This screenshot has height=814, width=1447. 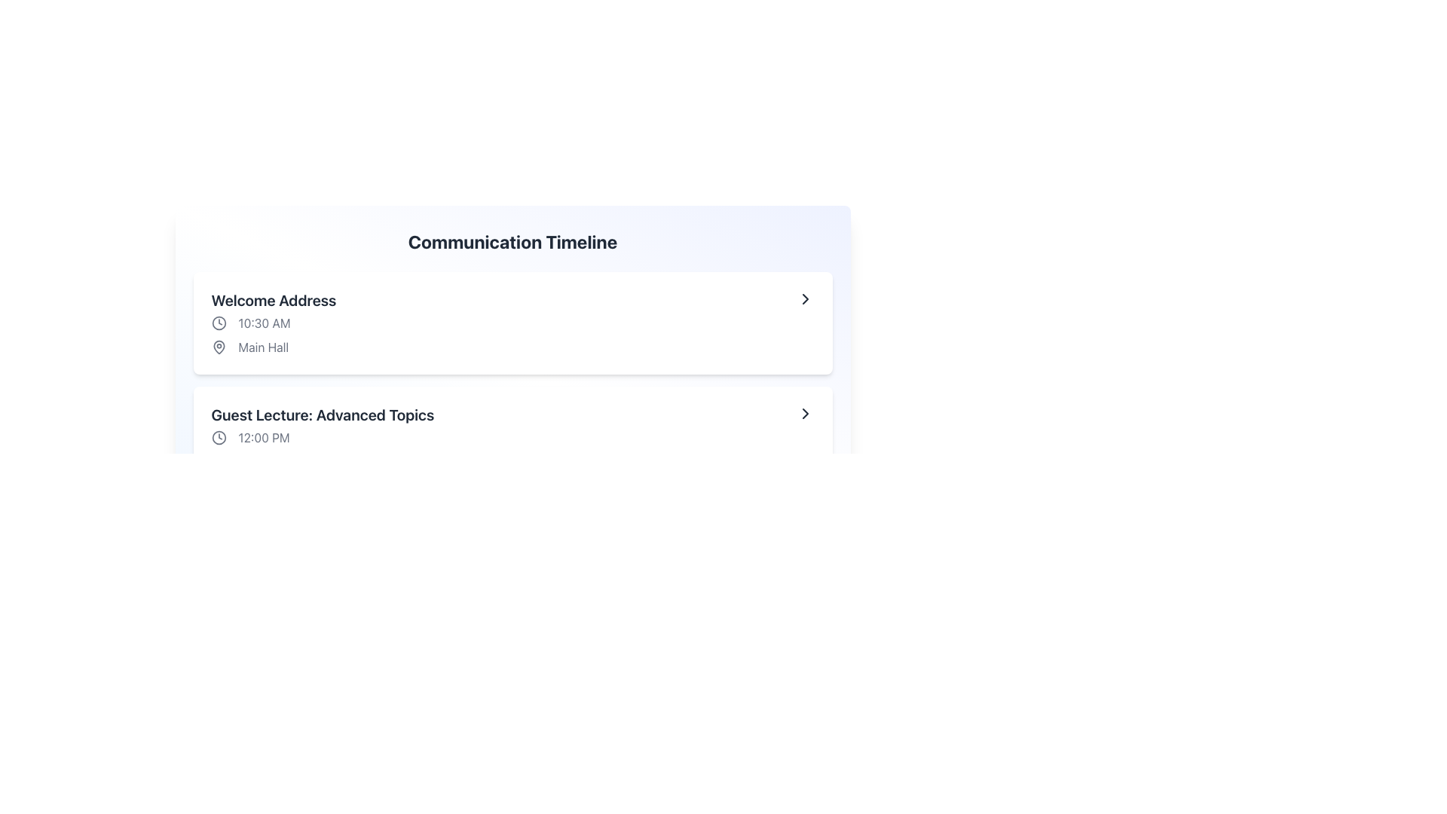 I want to click on the right-pointing arrow icon in dark gray color located at the top-right corner of the 'Welcome Address' card, so click(x=804, y=299).